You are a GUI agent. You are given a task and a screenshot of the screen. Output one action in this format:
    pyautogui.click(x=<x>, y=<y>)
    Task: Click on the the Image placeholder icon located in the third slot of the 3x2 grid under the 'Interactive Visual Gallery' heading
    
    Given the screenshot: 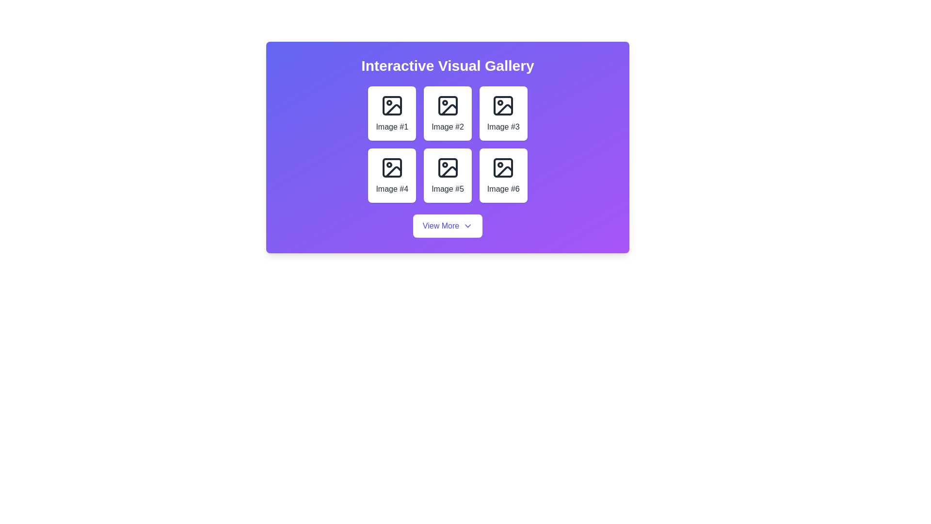 What is the action you would take?
    pyautogui.click(x=503, y=106)
    